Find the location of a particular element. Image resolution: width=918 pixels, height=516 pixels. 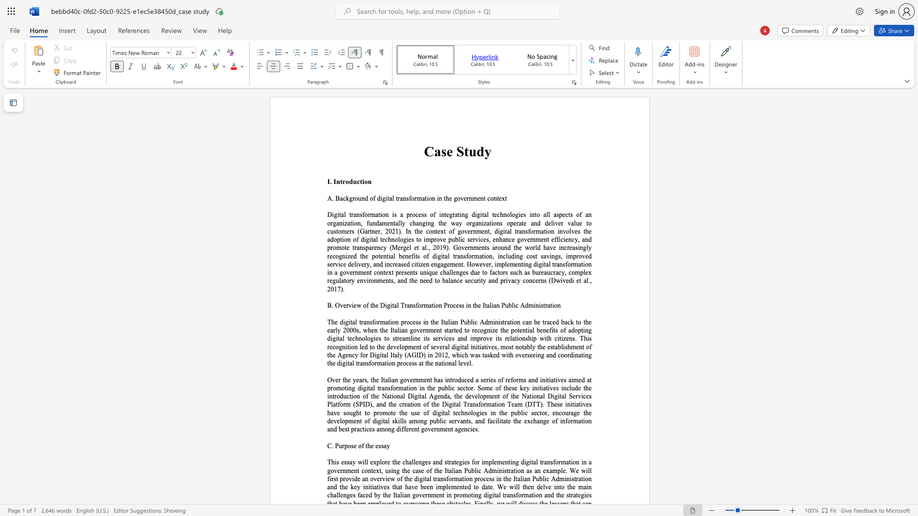

the subset text "ase Stu" within the text "Case Study" is located at coordinates (433, 150).